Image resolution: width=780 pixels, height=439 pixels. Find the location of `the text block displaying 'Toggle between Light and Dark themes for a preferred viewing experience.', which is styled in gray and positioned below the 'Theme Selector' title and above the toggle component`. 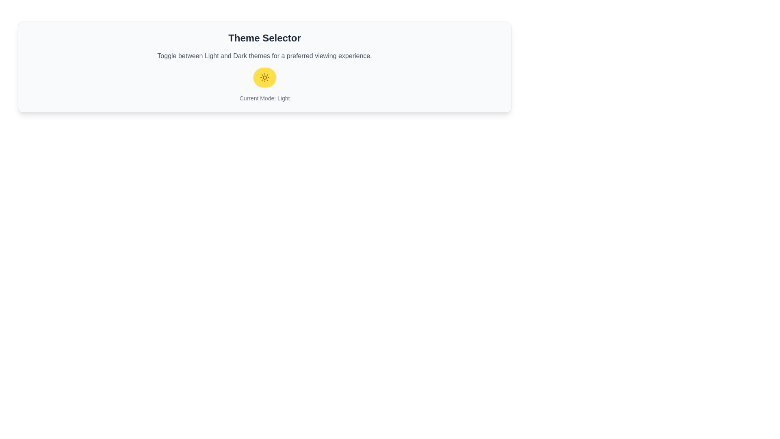

the text block displaying 'Toggle between Light and Dark themes for a preferred viewing experience.', which is styled in gray and positioned below the 'Theme Selector' title and above the toggle component is located at coordinates (264, 56).